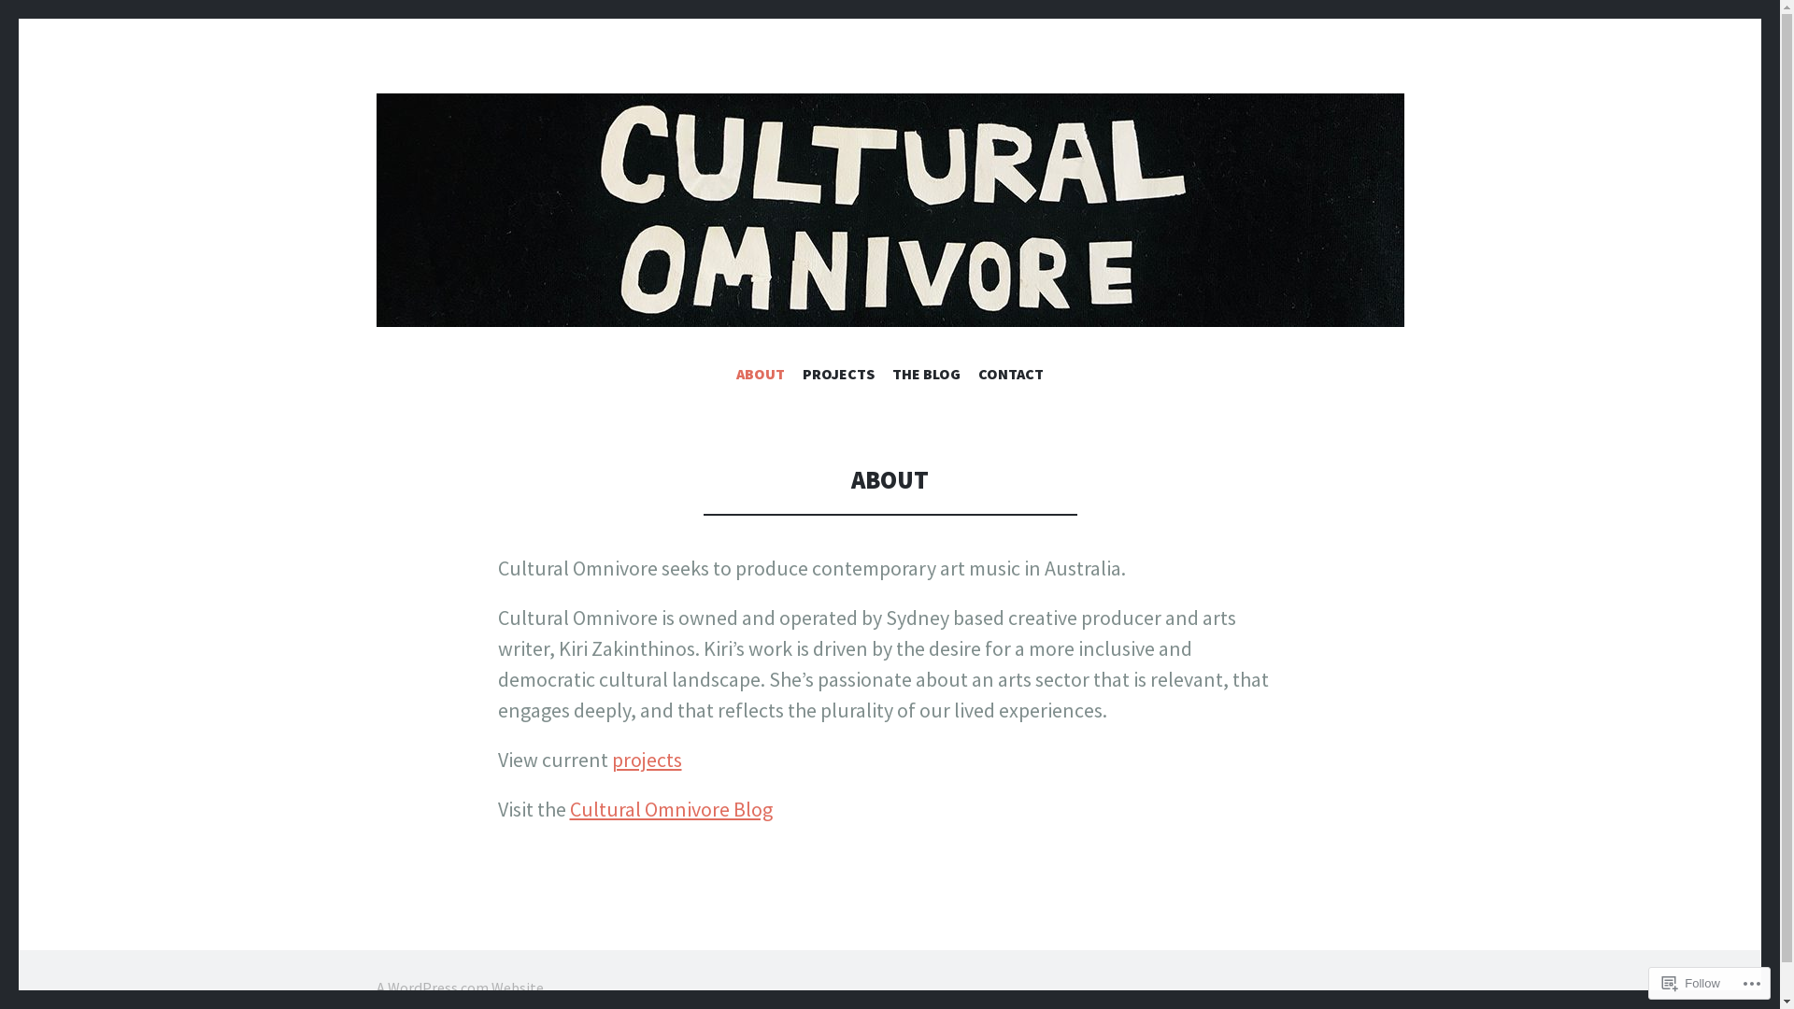  Describe the element at coordinates (1009, 377) in the screenshot. I see `'CONTACT'` at that location.